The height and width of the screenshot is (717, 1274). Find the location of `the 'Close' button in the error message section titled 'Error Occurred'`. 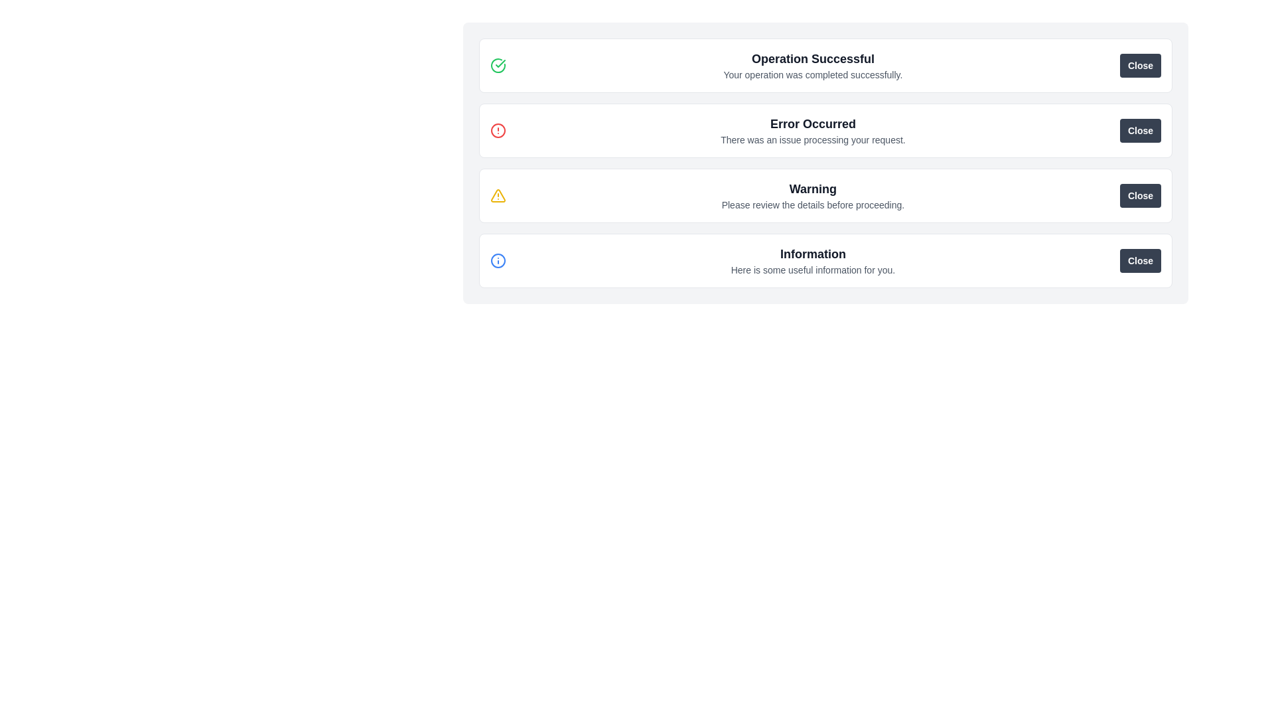

the 'Close' button in the error message section titled 'Error Occurred' is located at coordinates (1139, 130).